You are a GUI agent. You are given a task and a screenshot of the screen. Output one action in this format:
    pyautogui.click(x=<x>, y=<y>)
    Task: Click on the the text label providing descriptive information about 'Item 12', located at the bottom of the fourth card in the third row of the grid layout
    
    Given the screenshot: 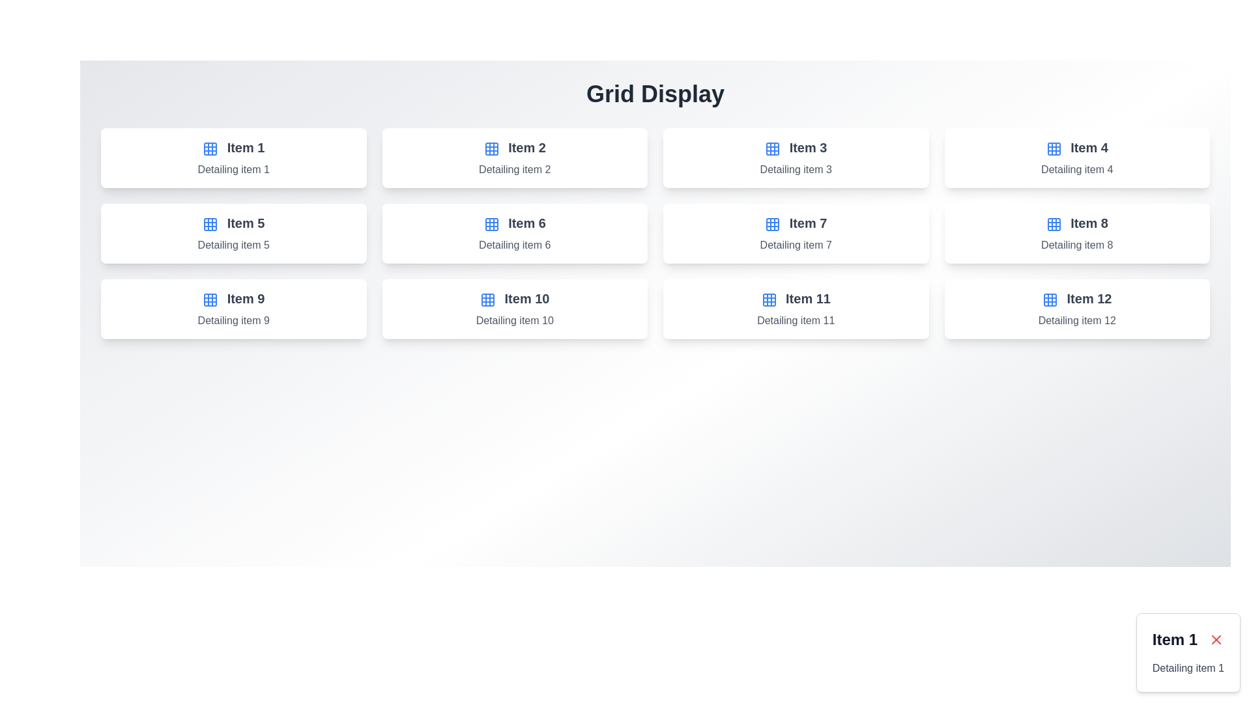 What is the action you would take?
    pyautogui.click(x=1077, y=321)
    